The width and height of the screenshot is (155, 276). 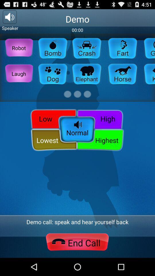 I want to click on the chat icon, so click(x=86, y=79).